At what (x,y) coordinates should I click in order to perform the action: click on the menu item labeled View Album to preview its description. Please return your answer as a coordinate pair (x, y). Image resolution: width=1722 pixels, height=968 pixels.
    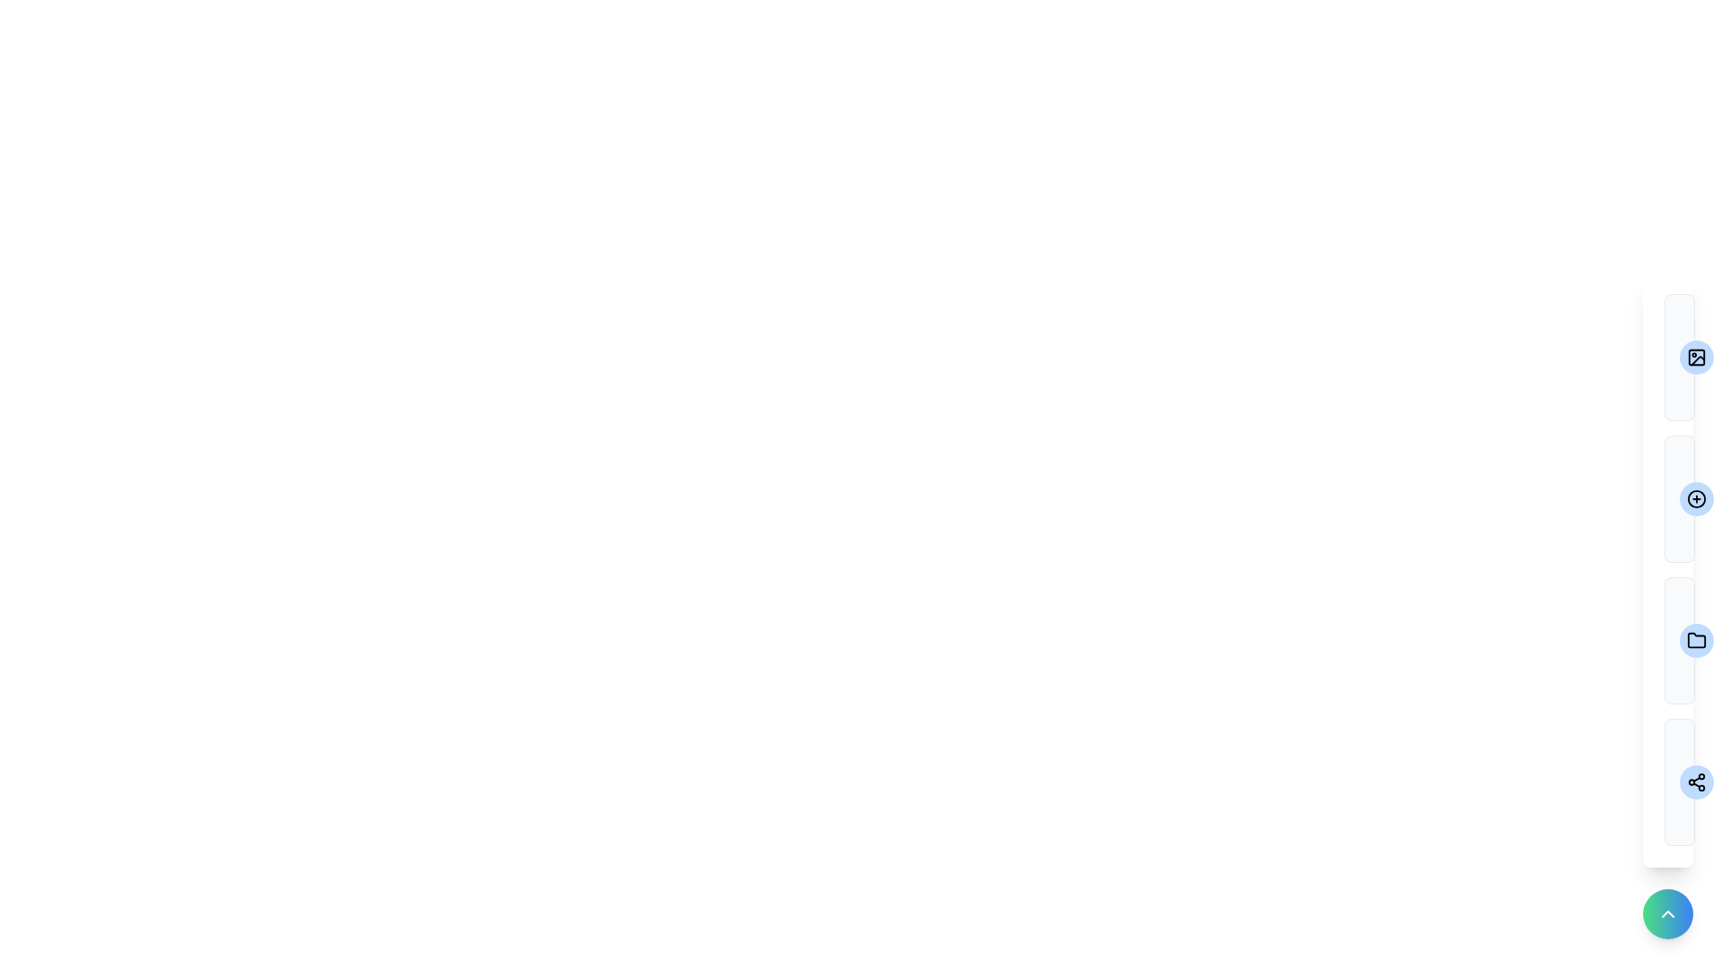
    Looking at the image, I should click on (1678, 357).